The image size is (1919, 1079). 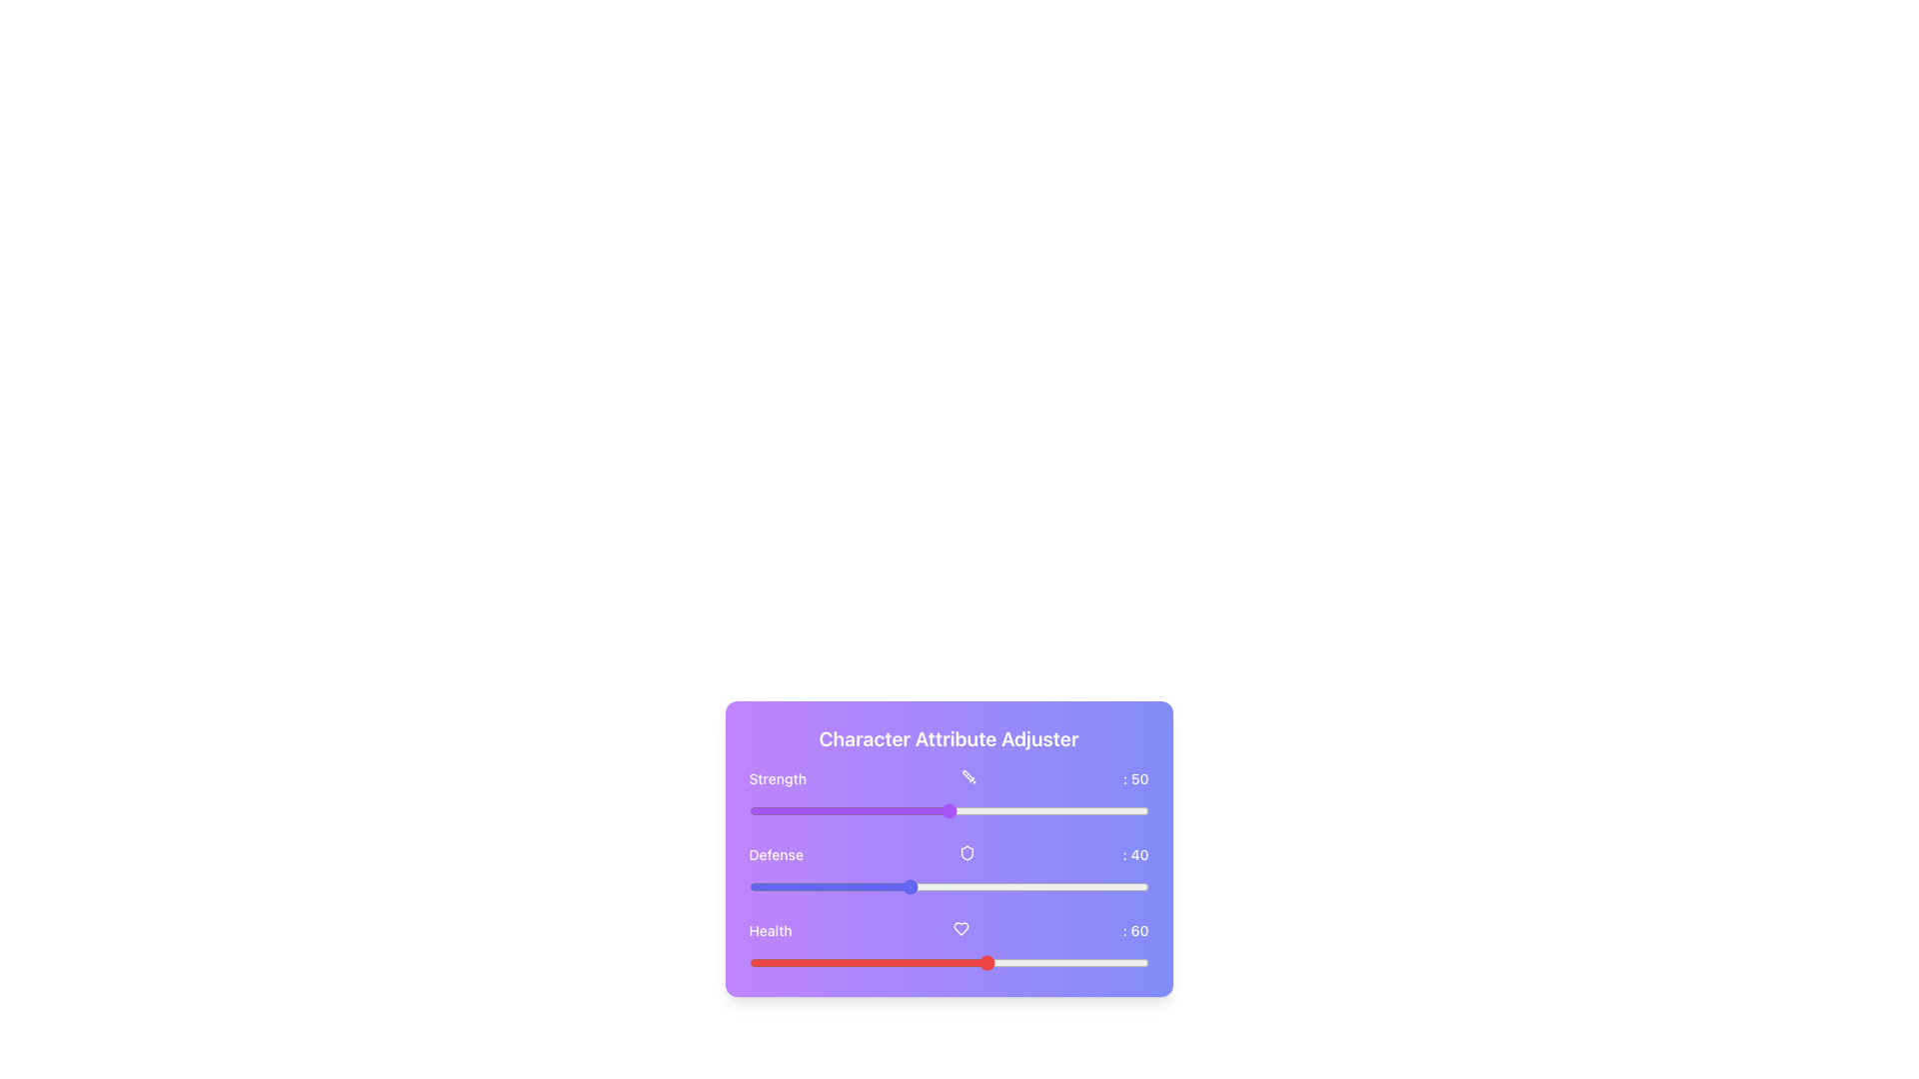 I want to click on the Strength value, so click(x=960, y=811).